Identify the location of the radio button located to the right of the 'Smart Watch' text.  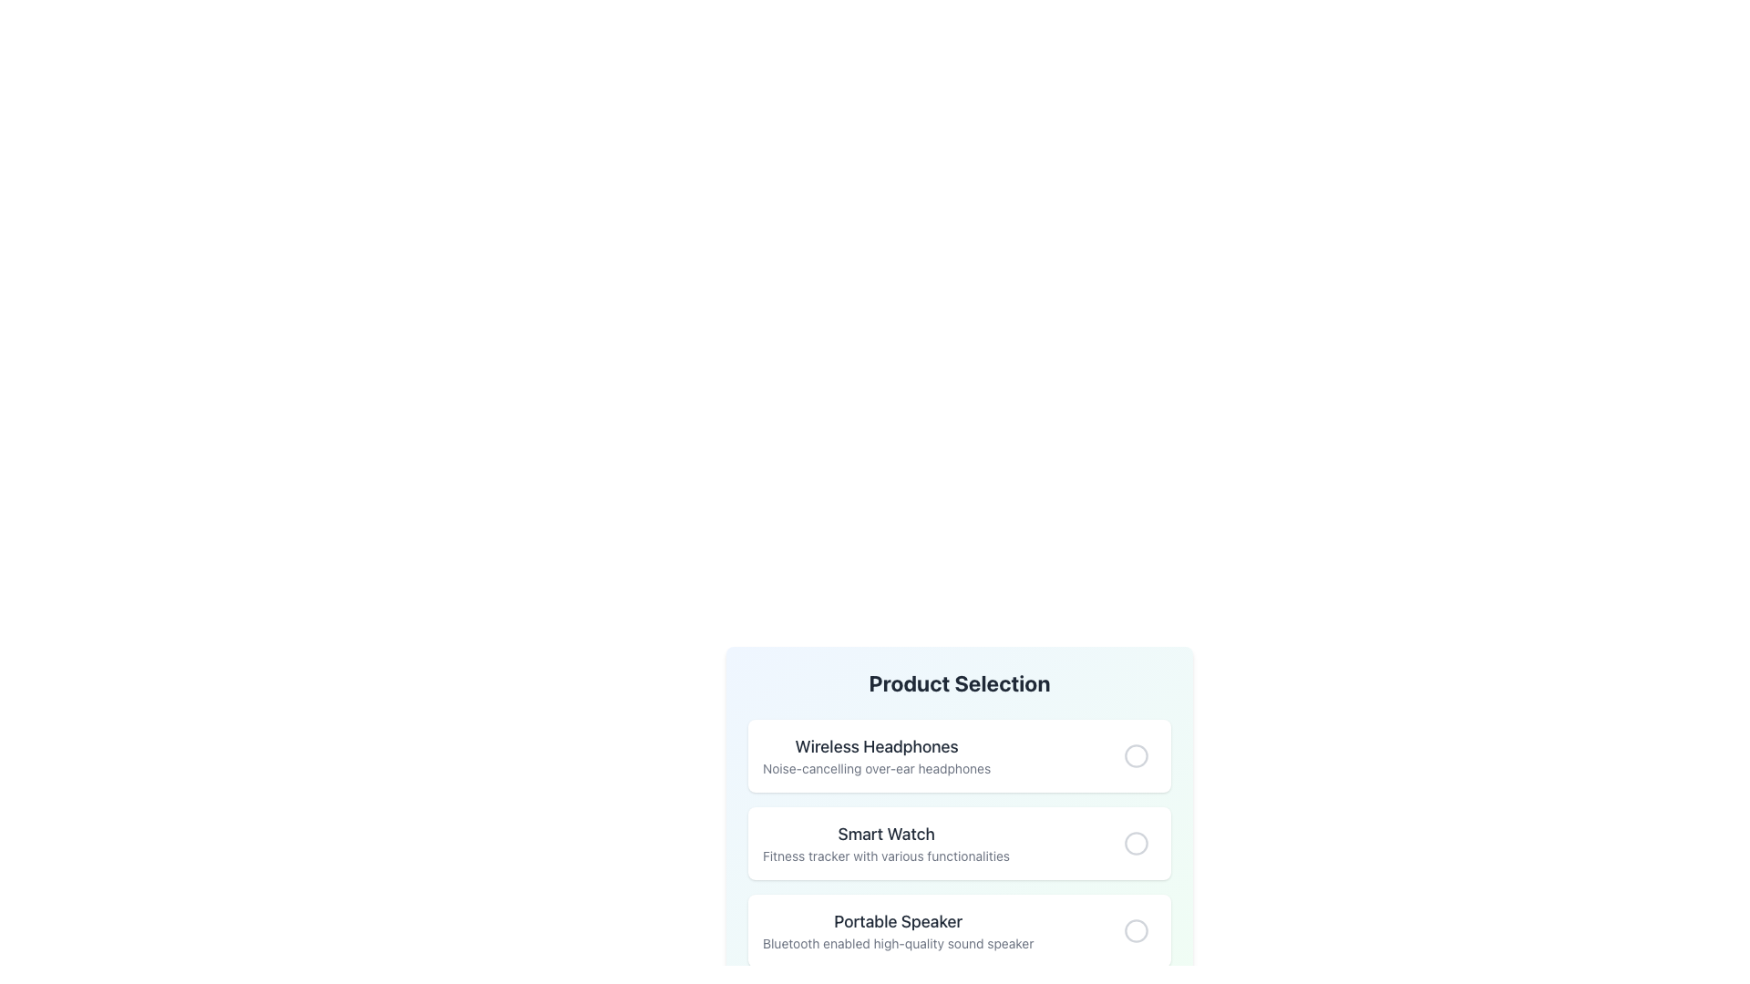
(1136, 843).